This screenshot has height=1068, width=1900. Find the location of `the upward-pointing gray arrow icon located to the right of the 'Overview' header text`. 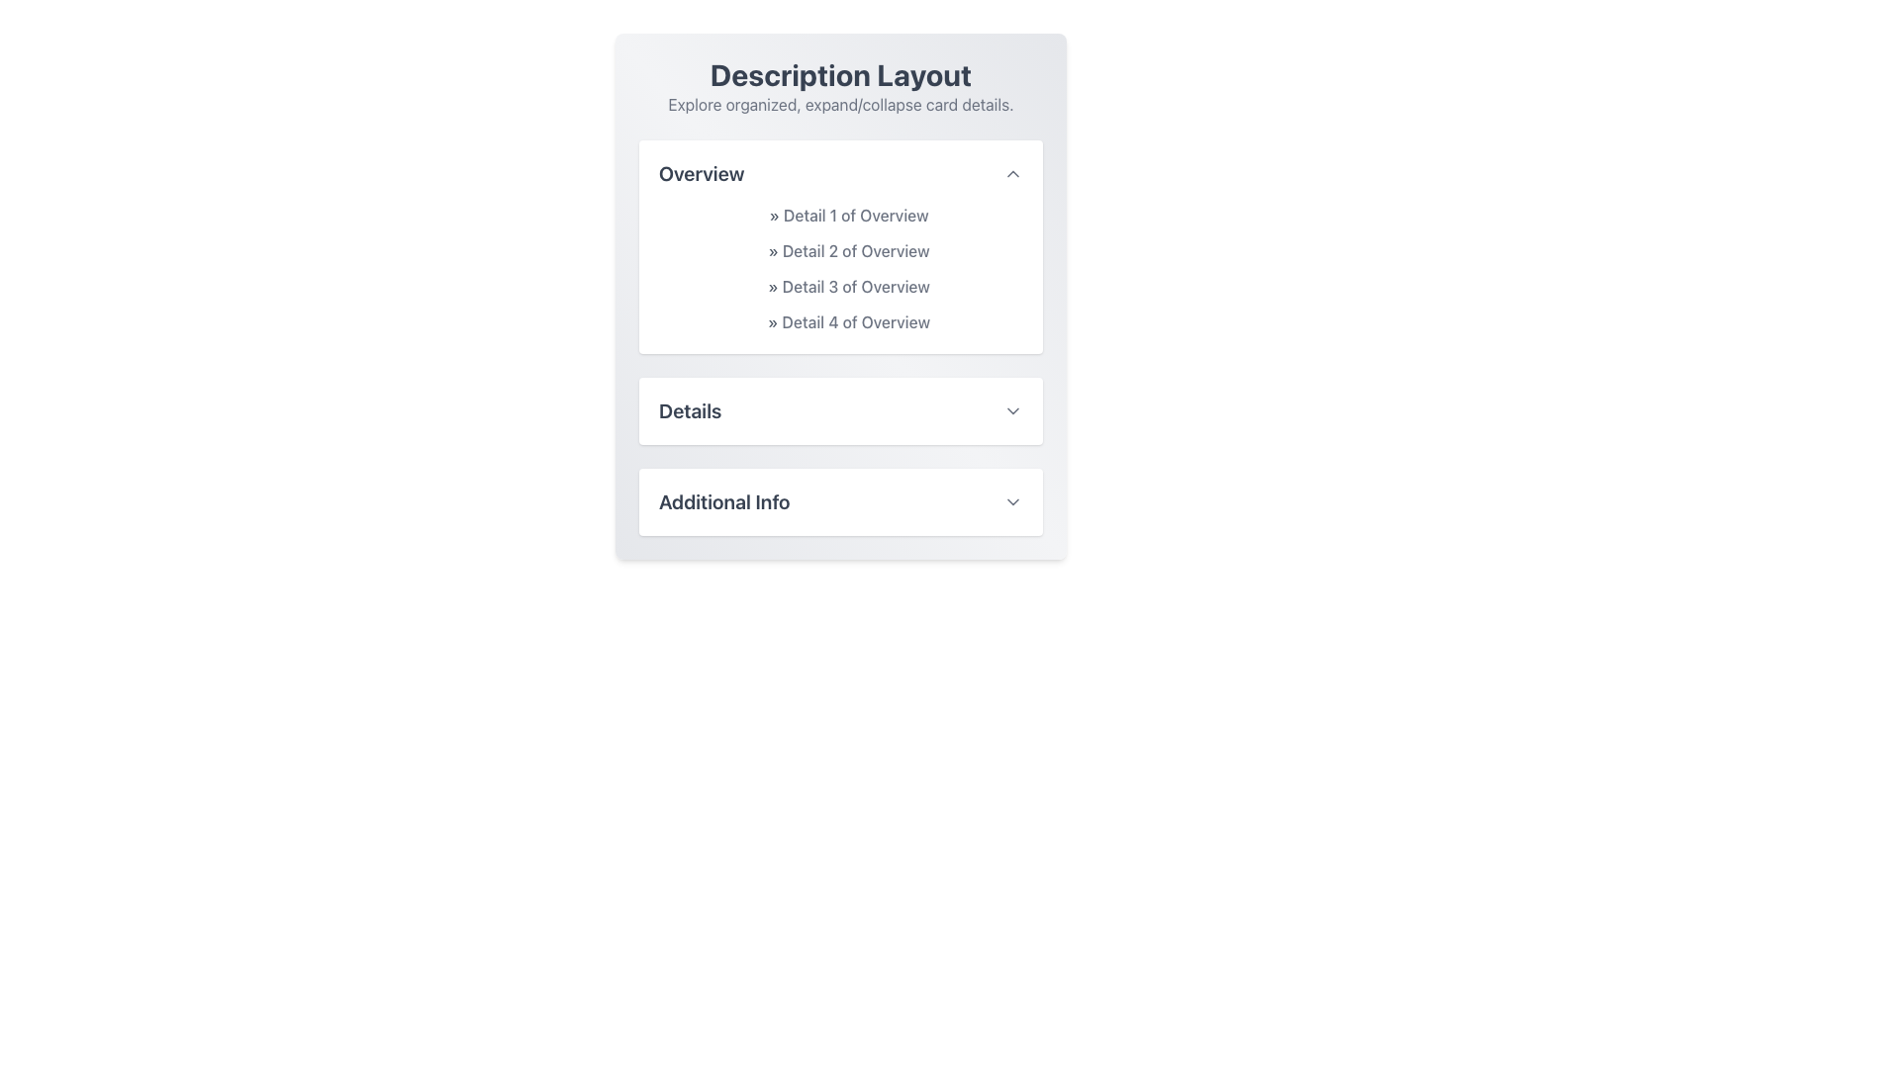

the upward-pointing gray arrow icon located to the right of the 'Overview' header text is located at coordinates (1012, 173).